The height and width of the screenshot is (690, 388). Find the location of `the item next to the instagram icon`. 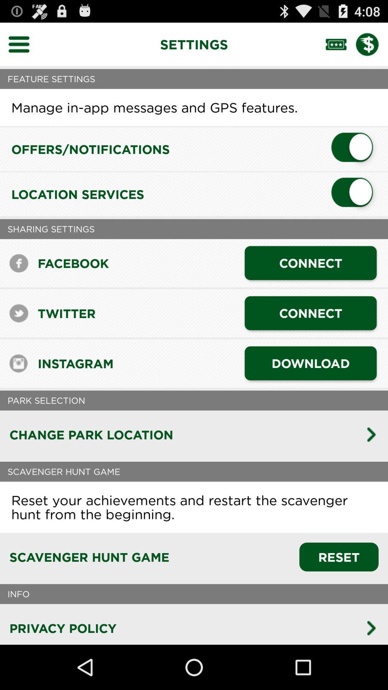

the item next to the instagram icon is located at coordinates (310, 363).